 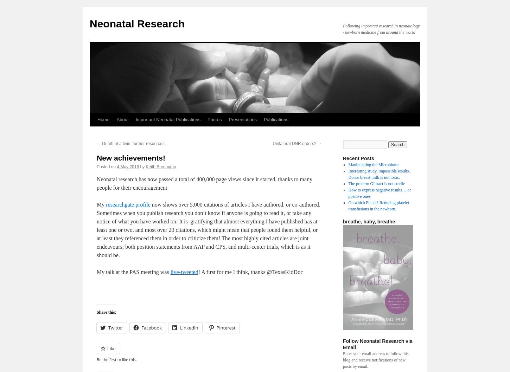 What do you see at coordinates (204, 183) in the screenshot?
I see `'Neonatal research has now passed a total of 400,000 page views since it started, thanks to many people for their encouragement'` at bounding box center [204, 183].